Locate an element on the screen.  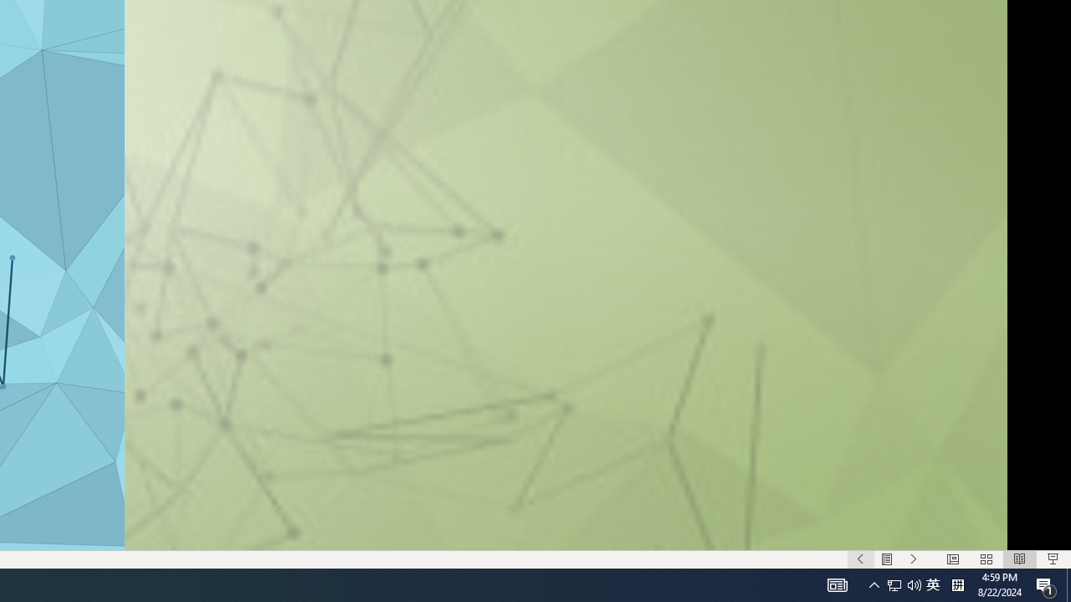
'Slide Show Next On' is located at coordinates (913, 559).